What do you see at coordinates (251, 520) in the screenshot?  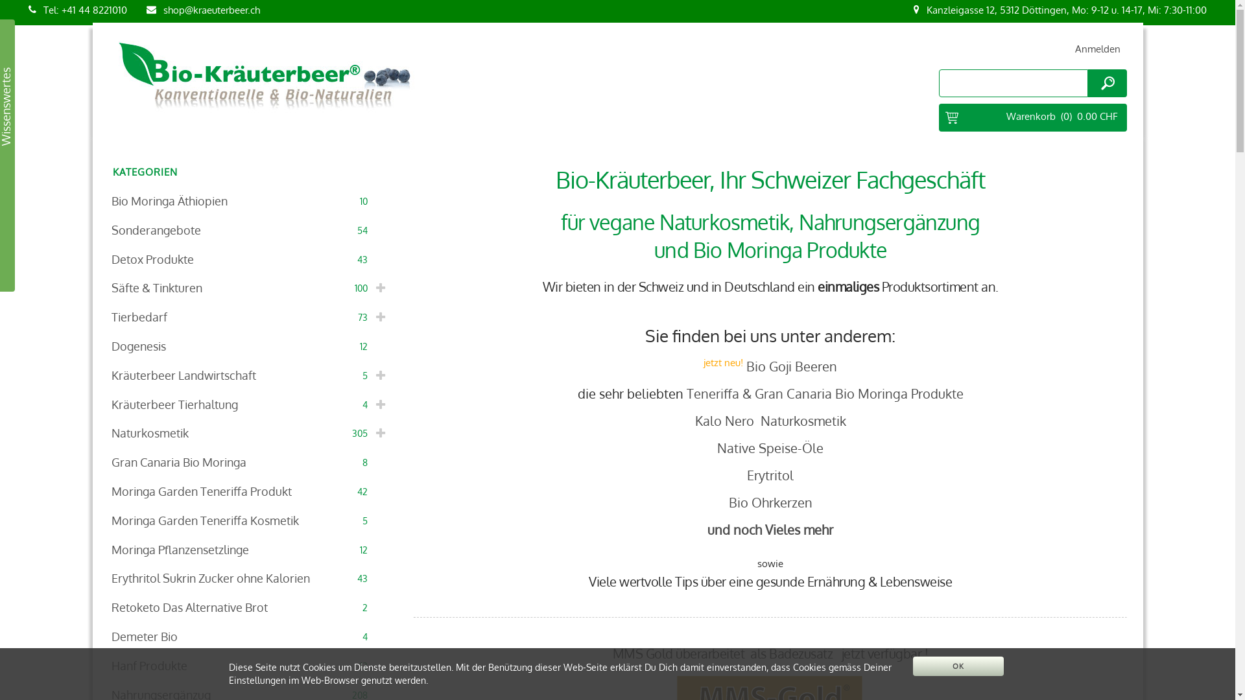 I see `'Moringa Garden Teneriffa Kosmetik` at bounding box center [251, 520].